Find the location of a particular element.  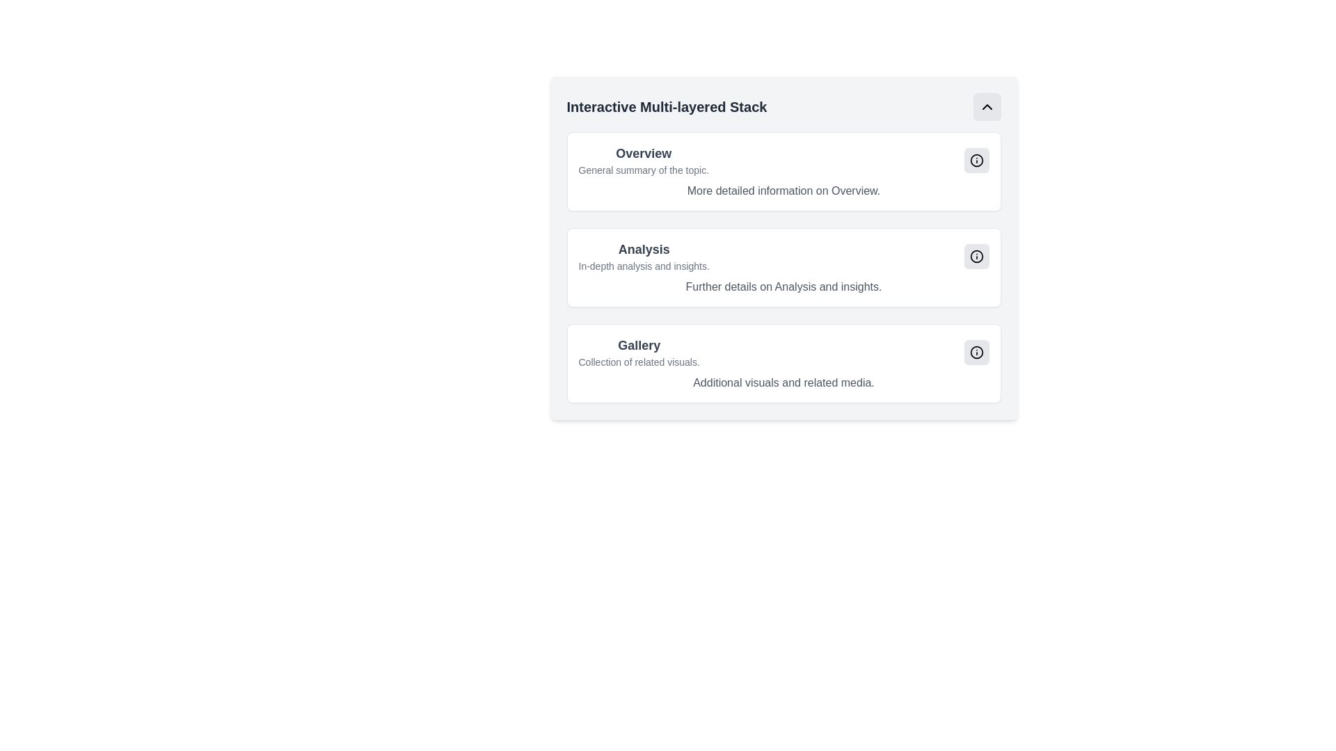

the small circular 'Info' icon with a black outline and white background located at the bottom right corner of the 'Gallery' box is located at coordinates (976, 351).